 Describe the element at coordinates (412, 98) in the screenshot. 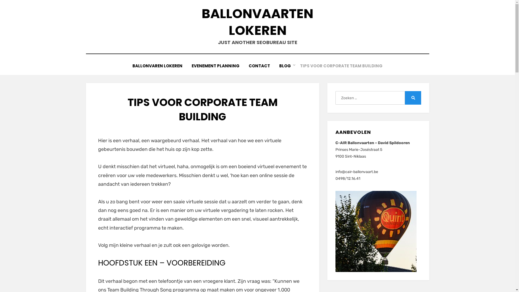

I see `'Zoeken'` at that location.